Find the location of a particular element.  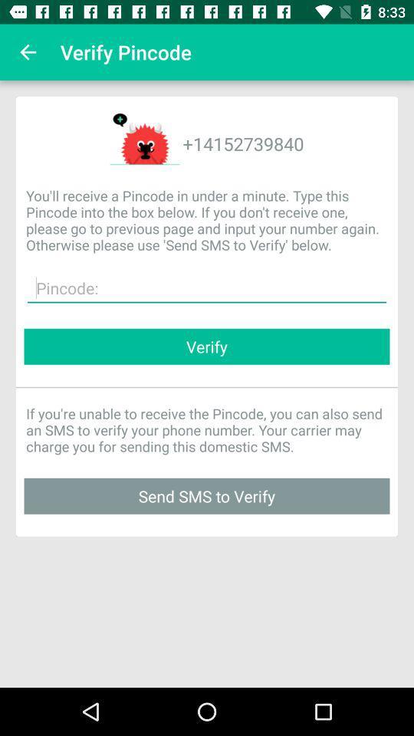

the app next to verify pincode is located at coordinates (28, 52).